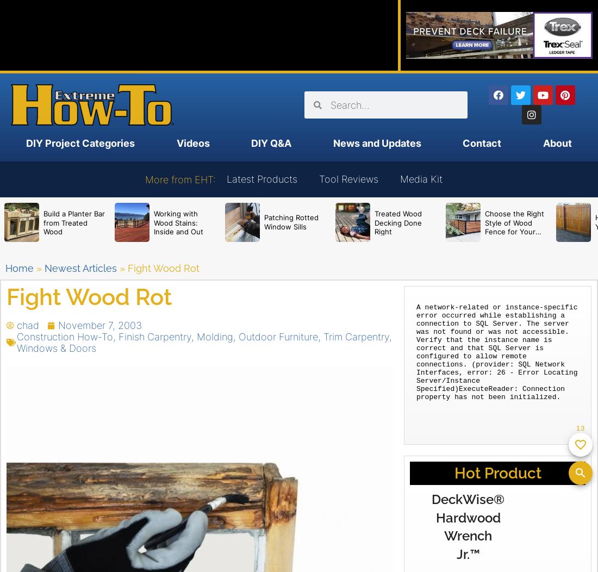 Image resolution: width=598 pixels, height=572 pixels. What do you see at coordinates (27, 325) in the screenshot?
I see `'chad'` at bounding box center [27, 325].